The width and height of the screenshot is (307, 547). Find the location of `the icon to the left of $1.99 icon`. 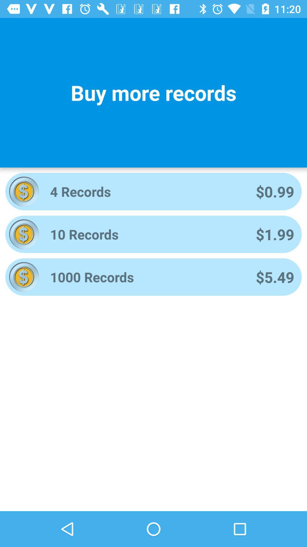

the icon to the left of $1.99 icon is located at coordinates (145, 234).